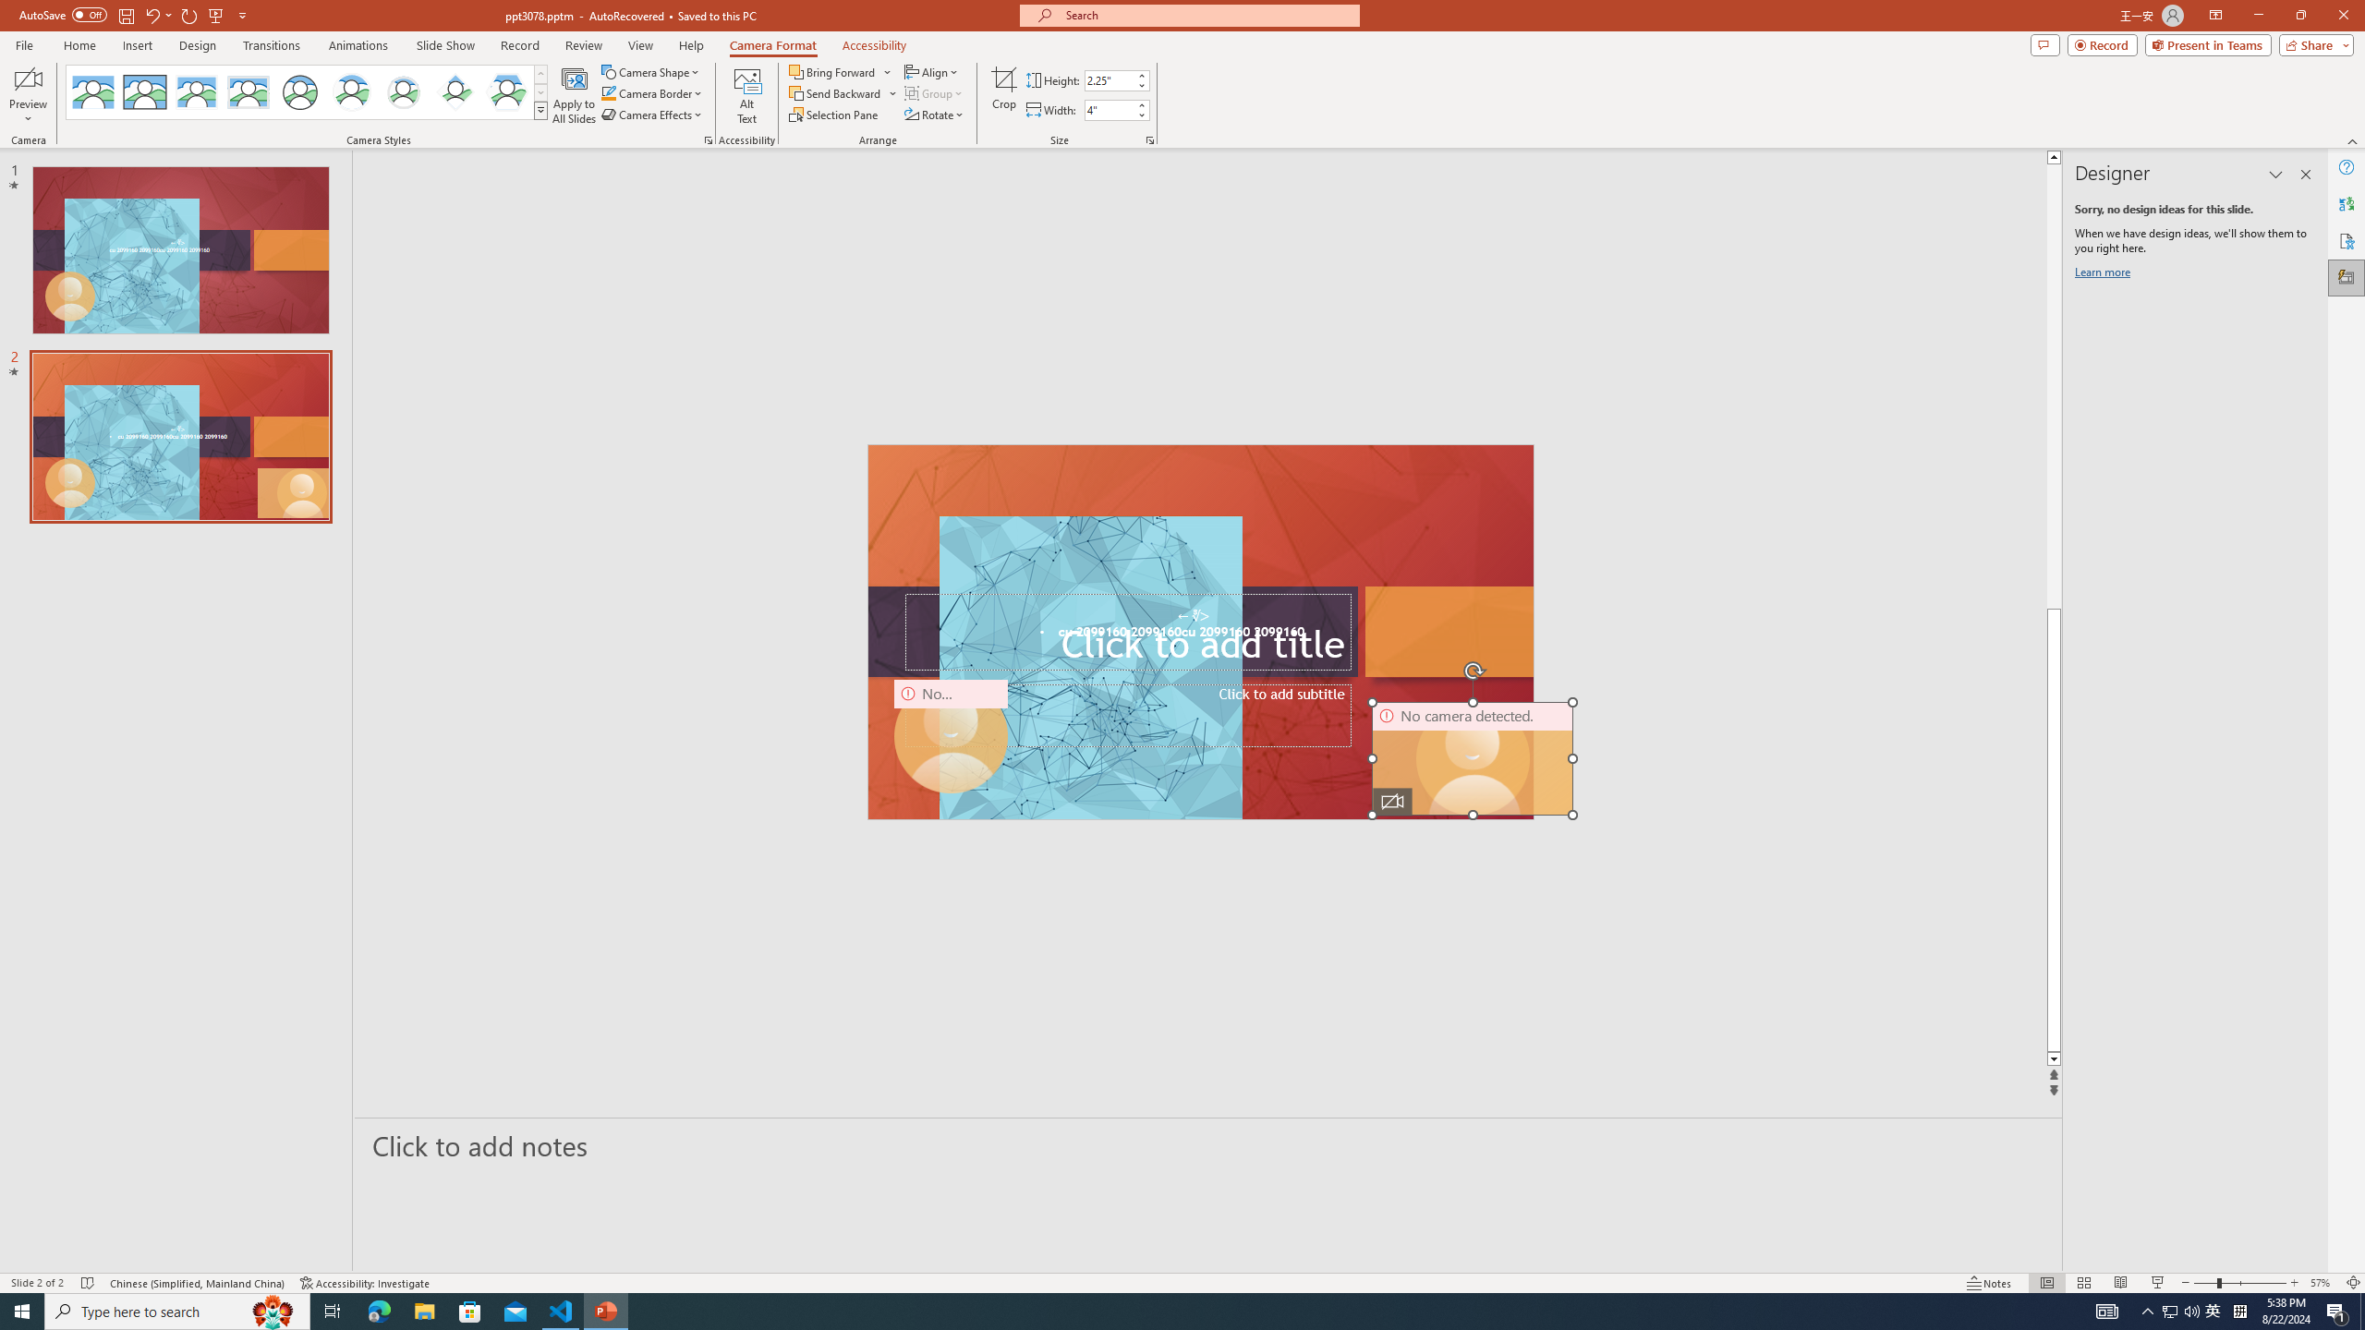  Describe the element at coordinates (93, 91) in the screenshot. I see `'No Style'` at that location.